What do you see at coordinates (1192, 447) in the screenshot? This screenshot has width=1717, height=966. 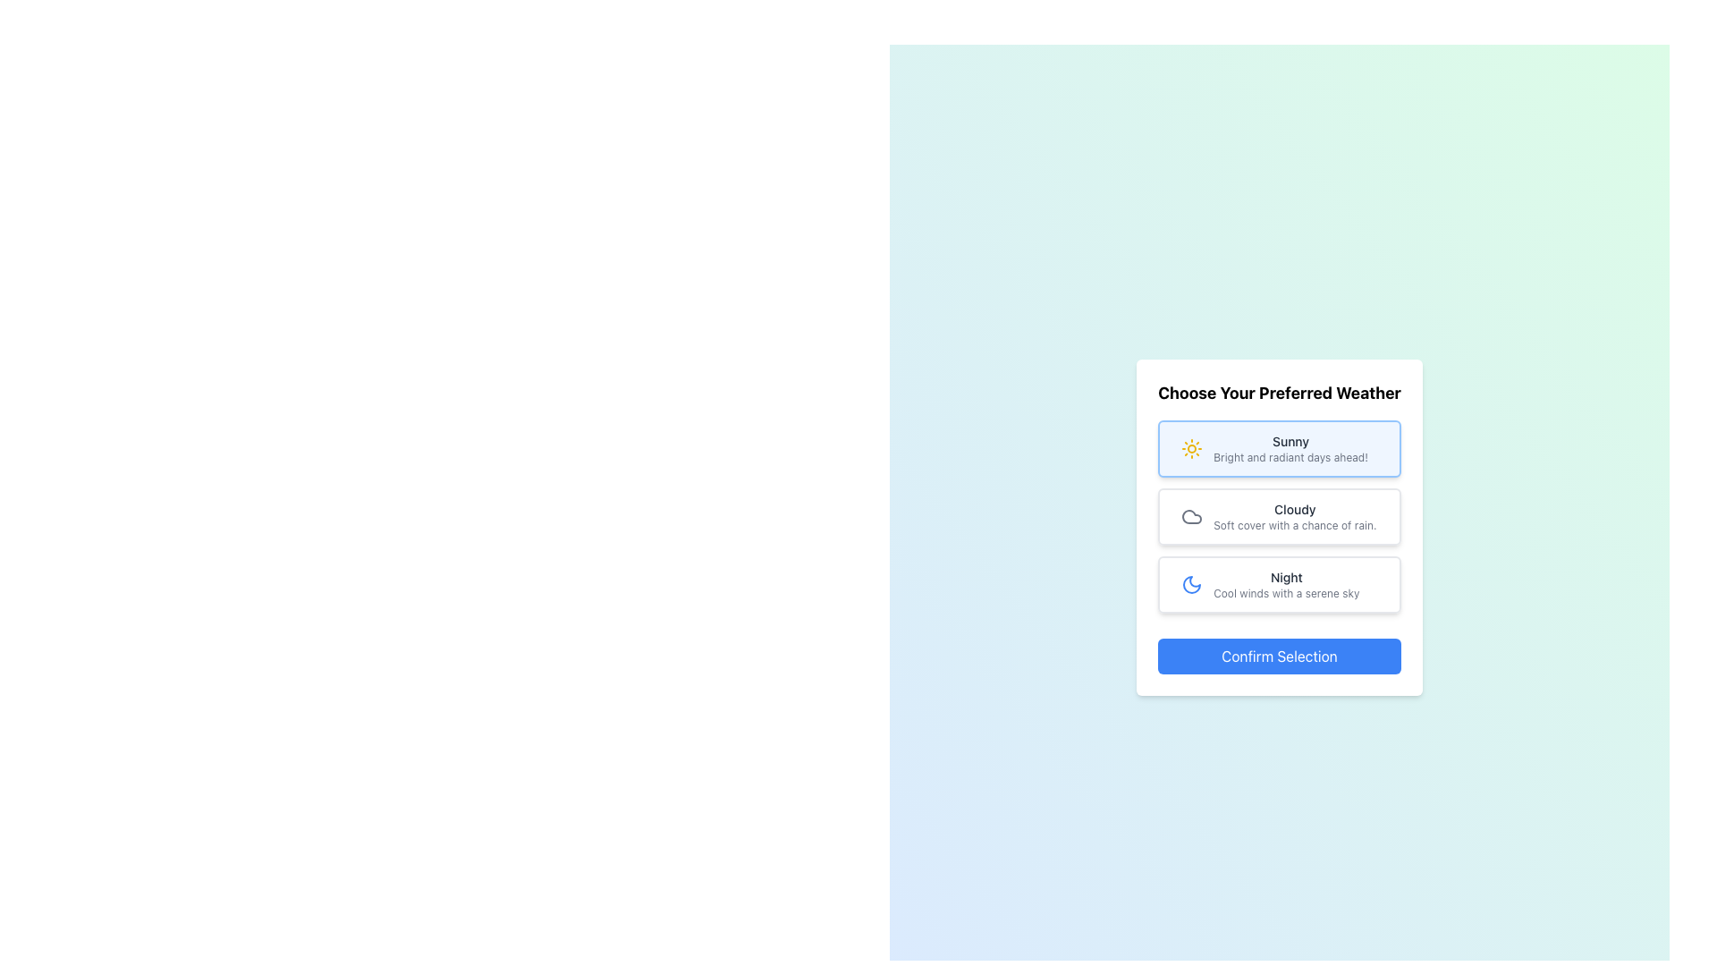 I see `the sun icon which indicates the 'Sunny' weather option in the vertical selection menu titled 'Choose Your Preferred Weather'` at bounding box center [1192, 447].